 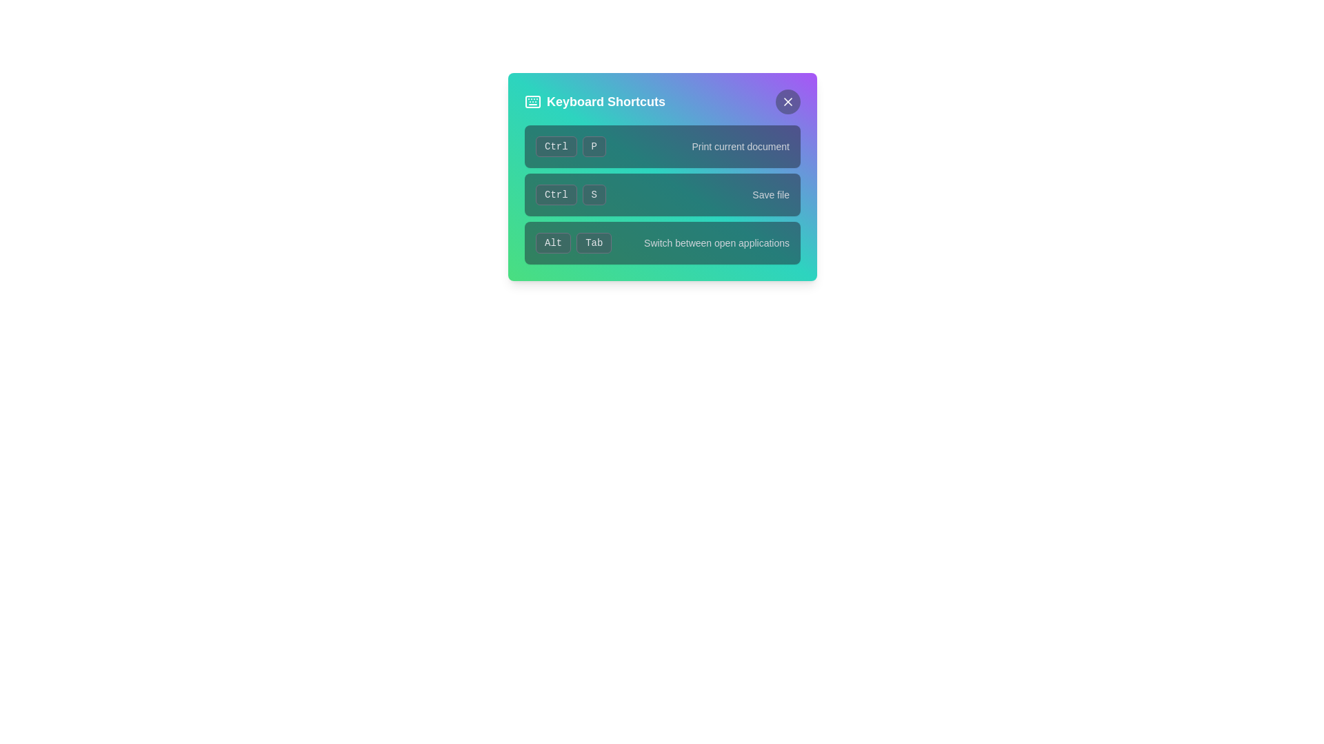 What do you see at coordinates (662, 146) in the screenshot?
I see `the Keyboard shortcut instruction entry labeled 'Ctrl + P' which indicates the action 'Print current document' in the 'Keyboard Shortcuts' dialog` at bounding box center [662, 146].